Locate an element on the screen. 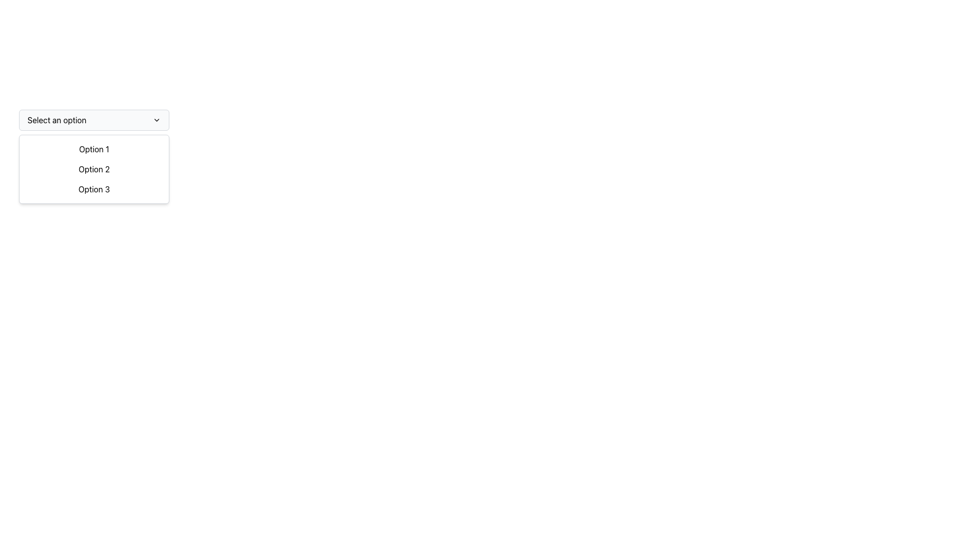 The image size is (962, 541). the text label reading 'Select an option', which is located on the left side of the dropdown component, positioned between the left margin and an arrow icon is located at coordinates (56, 119).